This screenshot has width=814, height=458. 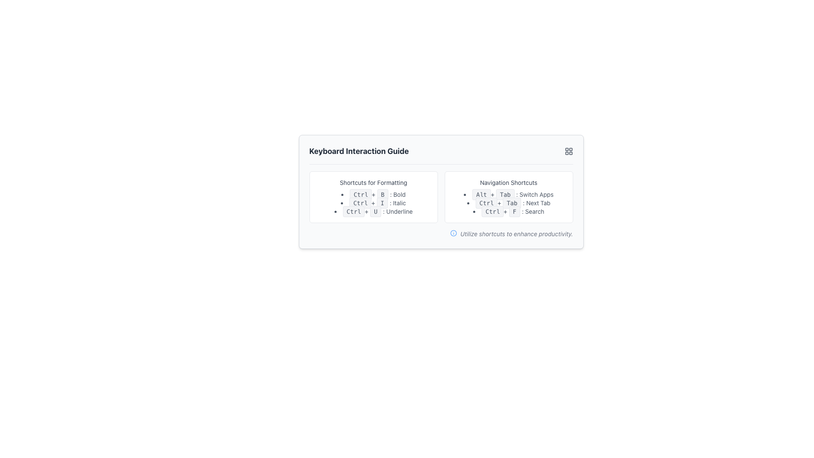 I want to click on the primary header titled 'Keyboard Interaction Guide', so click(x=441, y=155).